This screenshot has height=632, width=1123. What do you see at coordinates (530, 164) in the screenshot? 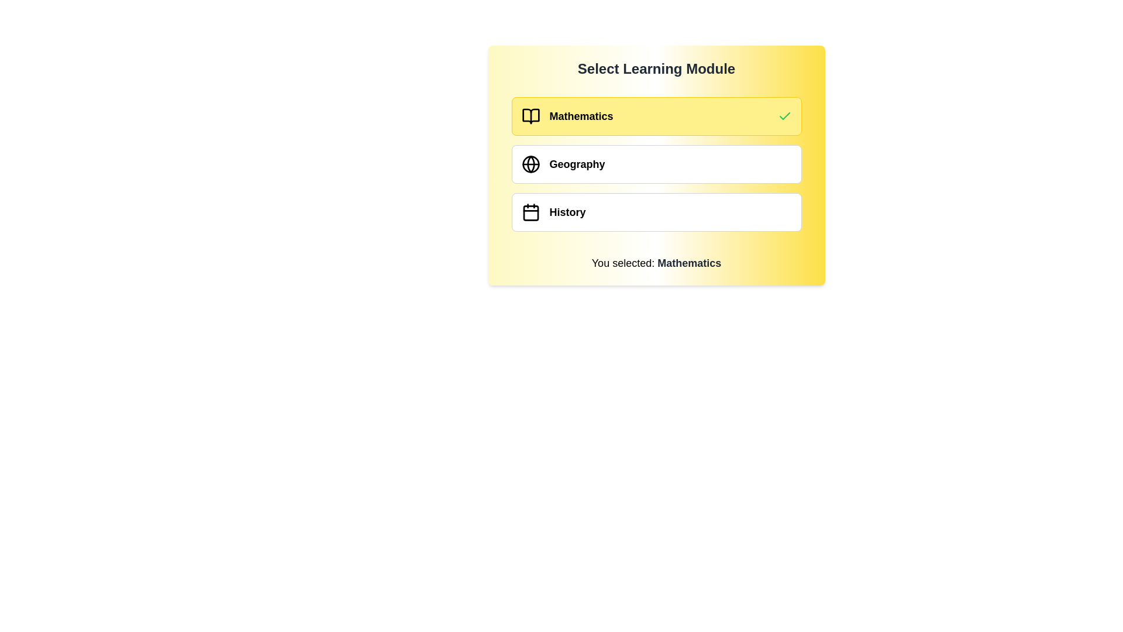
I see `the globe icon, which is characterized by circular lines forming the shape of a world globe with latitude and longitude lines, located to the left of the text 'Geography' in the second option box` at bounding box center [530, 164].